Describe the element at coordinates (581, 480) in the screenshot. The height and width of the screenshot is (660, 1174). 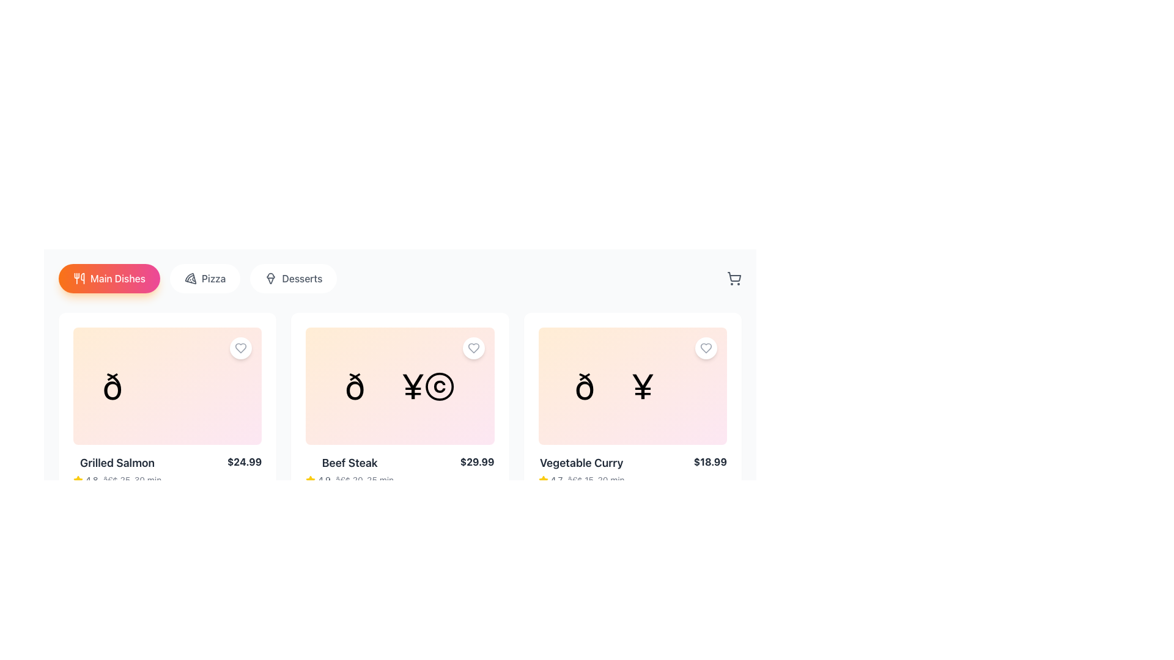
I see `the text label with icon that provides information about the rating and estimated preparation time for the item 'Vegetable Curry', located below its title within the card layout` at that location.